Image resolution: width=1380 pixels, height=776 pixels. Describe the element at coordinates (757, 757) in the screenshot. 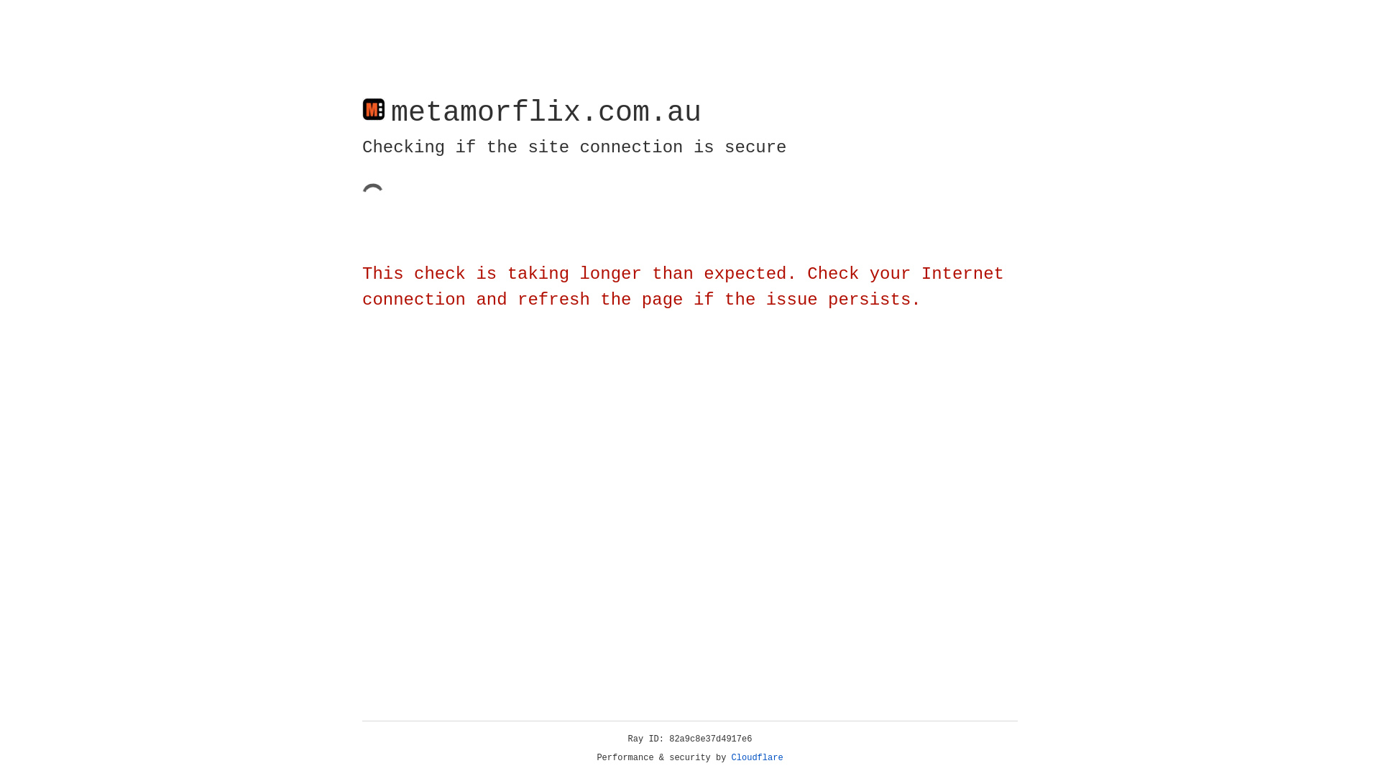

I see `'Cloudflare'` at that location.